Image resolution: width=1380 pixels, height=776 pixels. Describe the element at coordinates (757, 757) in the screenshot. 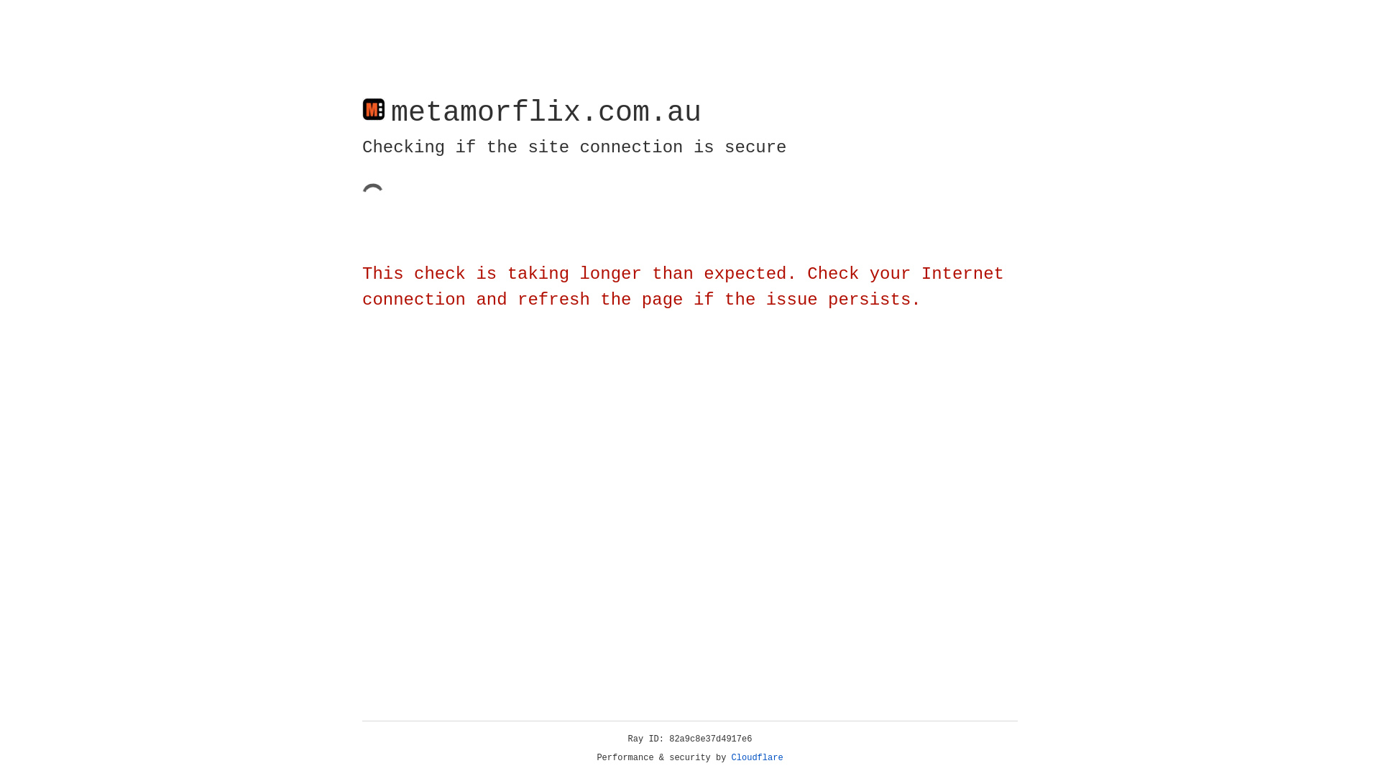

I see `'Cloudflare'` at that location.